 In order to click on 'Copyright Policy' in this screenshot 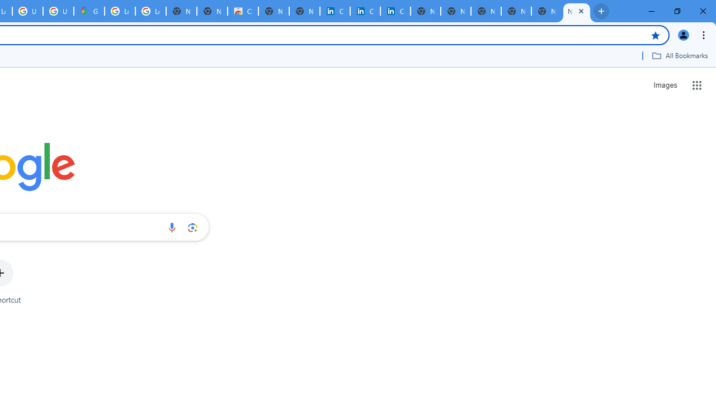, I will do `click(395, 11)`.